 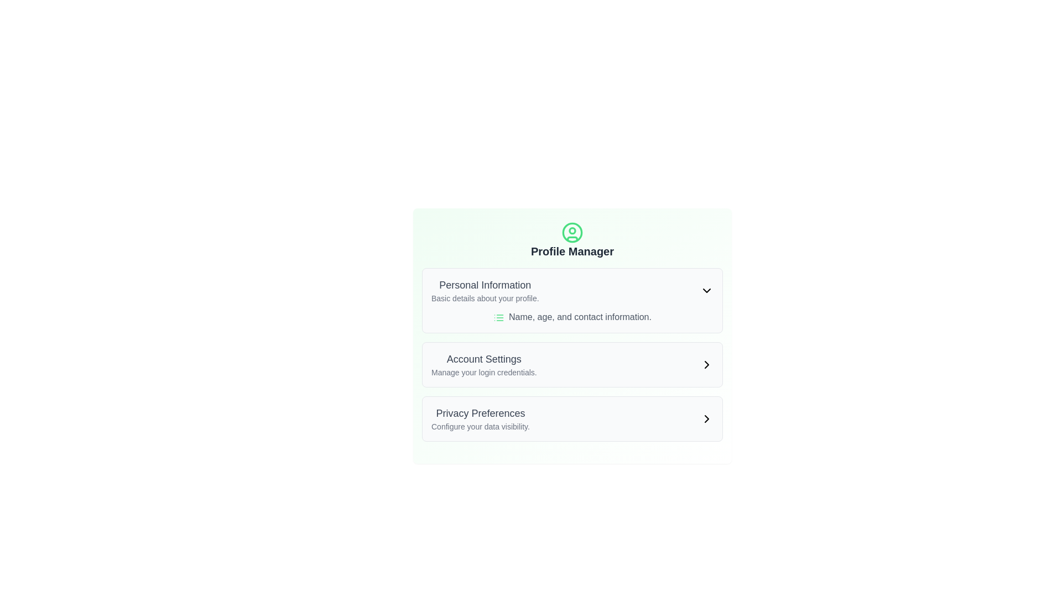 What do you see at coordinates (485, 290) in the screenshot?
I see `the 'Personal Information' text block, which is part of the first card under 'Profile Manager' and displays the heading in a larger, bold font` at bounding box center [485, 290].